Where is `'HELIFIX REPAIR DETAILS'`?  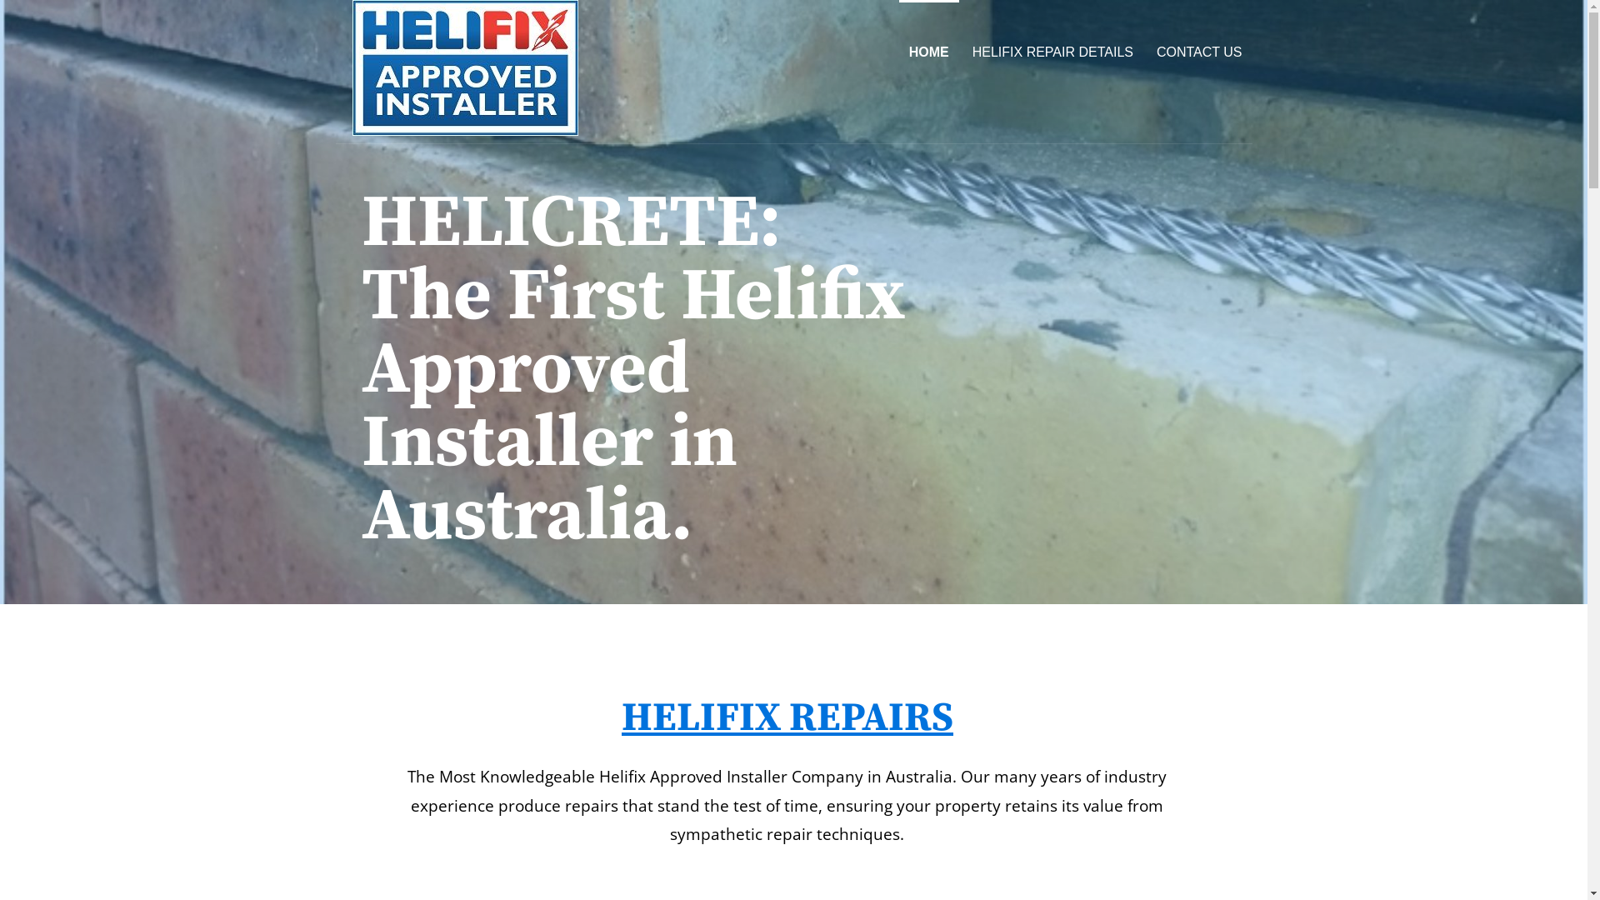 'HELIFIX REPAIR DETAILS' is located at coordinates (1052, 51).